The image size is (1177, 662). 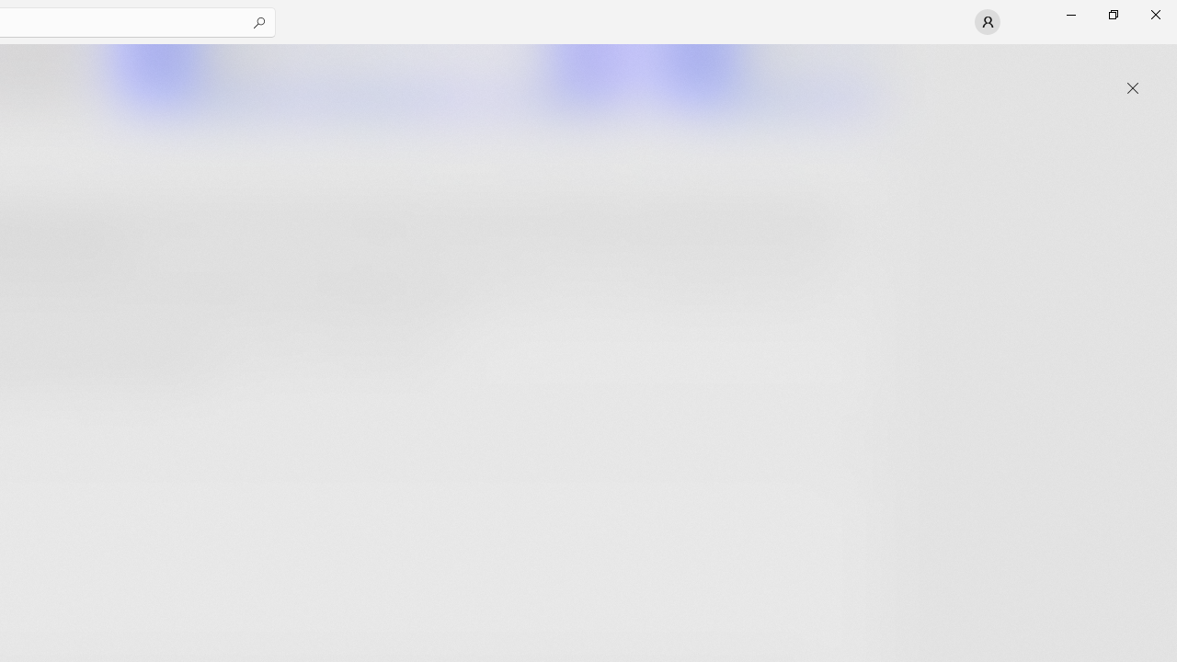 What do you see at coordinates (1132, 88) in the screenshot?
I see `'close popup window'` at bounding box center [1132, 88].